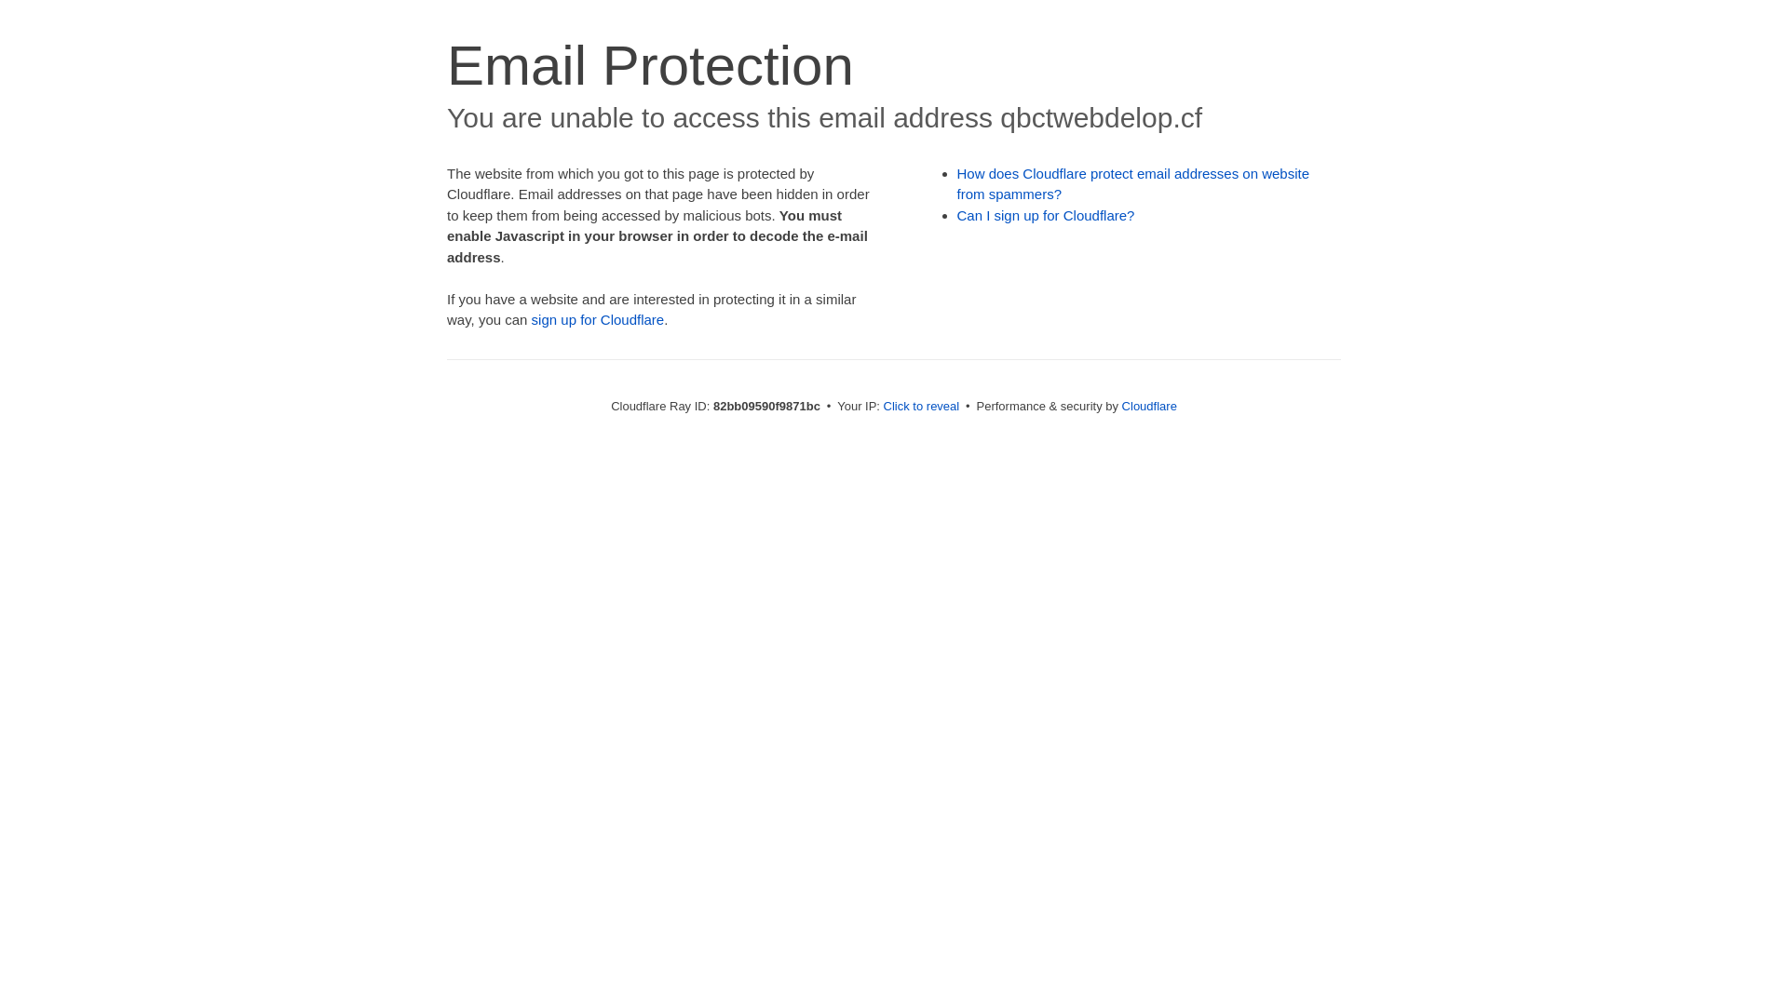 The image size is (1788, 1005). Describe the element at coordinates (1148, 405) in the screenshot. I see `'Cloudflare'` at that location.